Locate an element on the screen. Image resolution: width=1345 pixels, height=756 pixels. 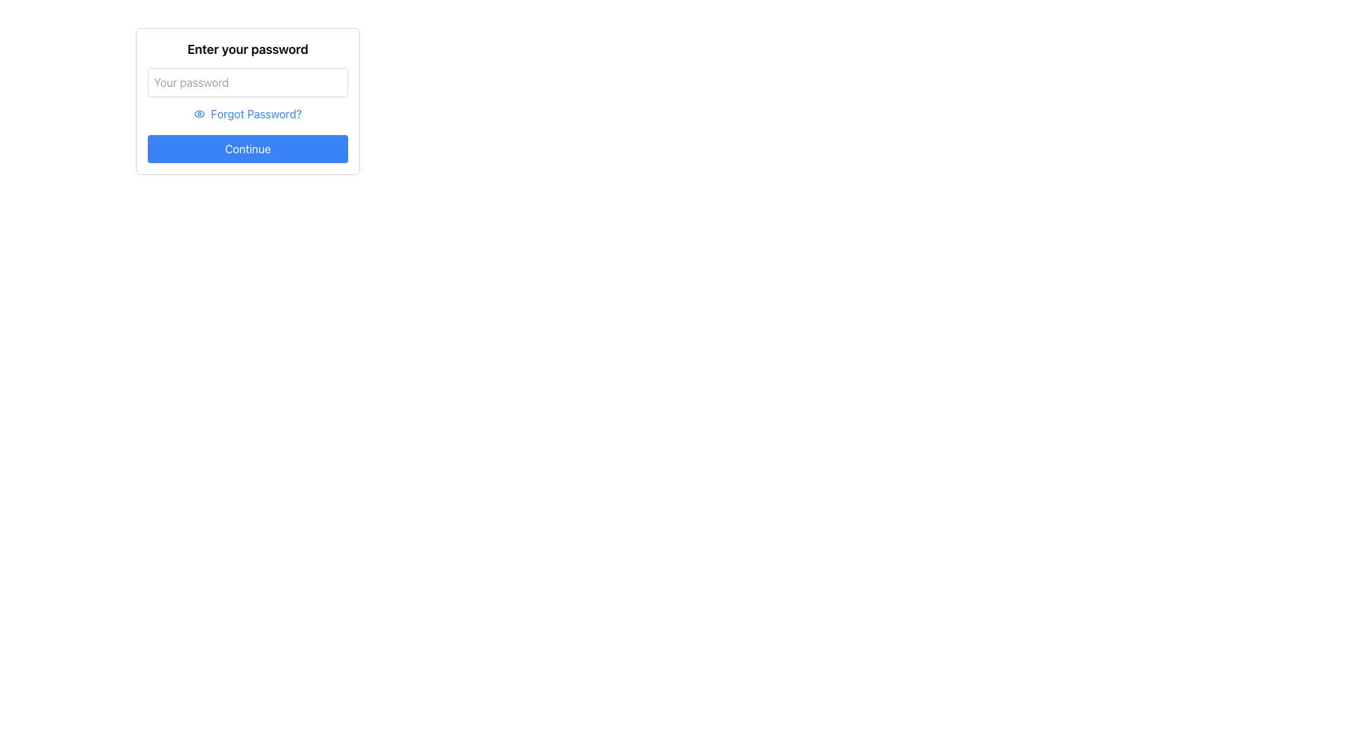
the static text label that guides users in entering their password, located above the password input field is located at coordinates (248, 48).